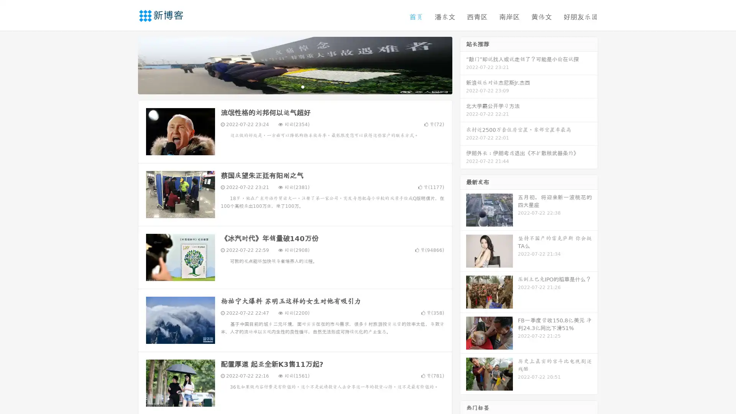 This screenshot has height=414, width=736. Describe the element at coordinates (287, 86) in the screenshot. I see `Go to slide 1` at that location.